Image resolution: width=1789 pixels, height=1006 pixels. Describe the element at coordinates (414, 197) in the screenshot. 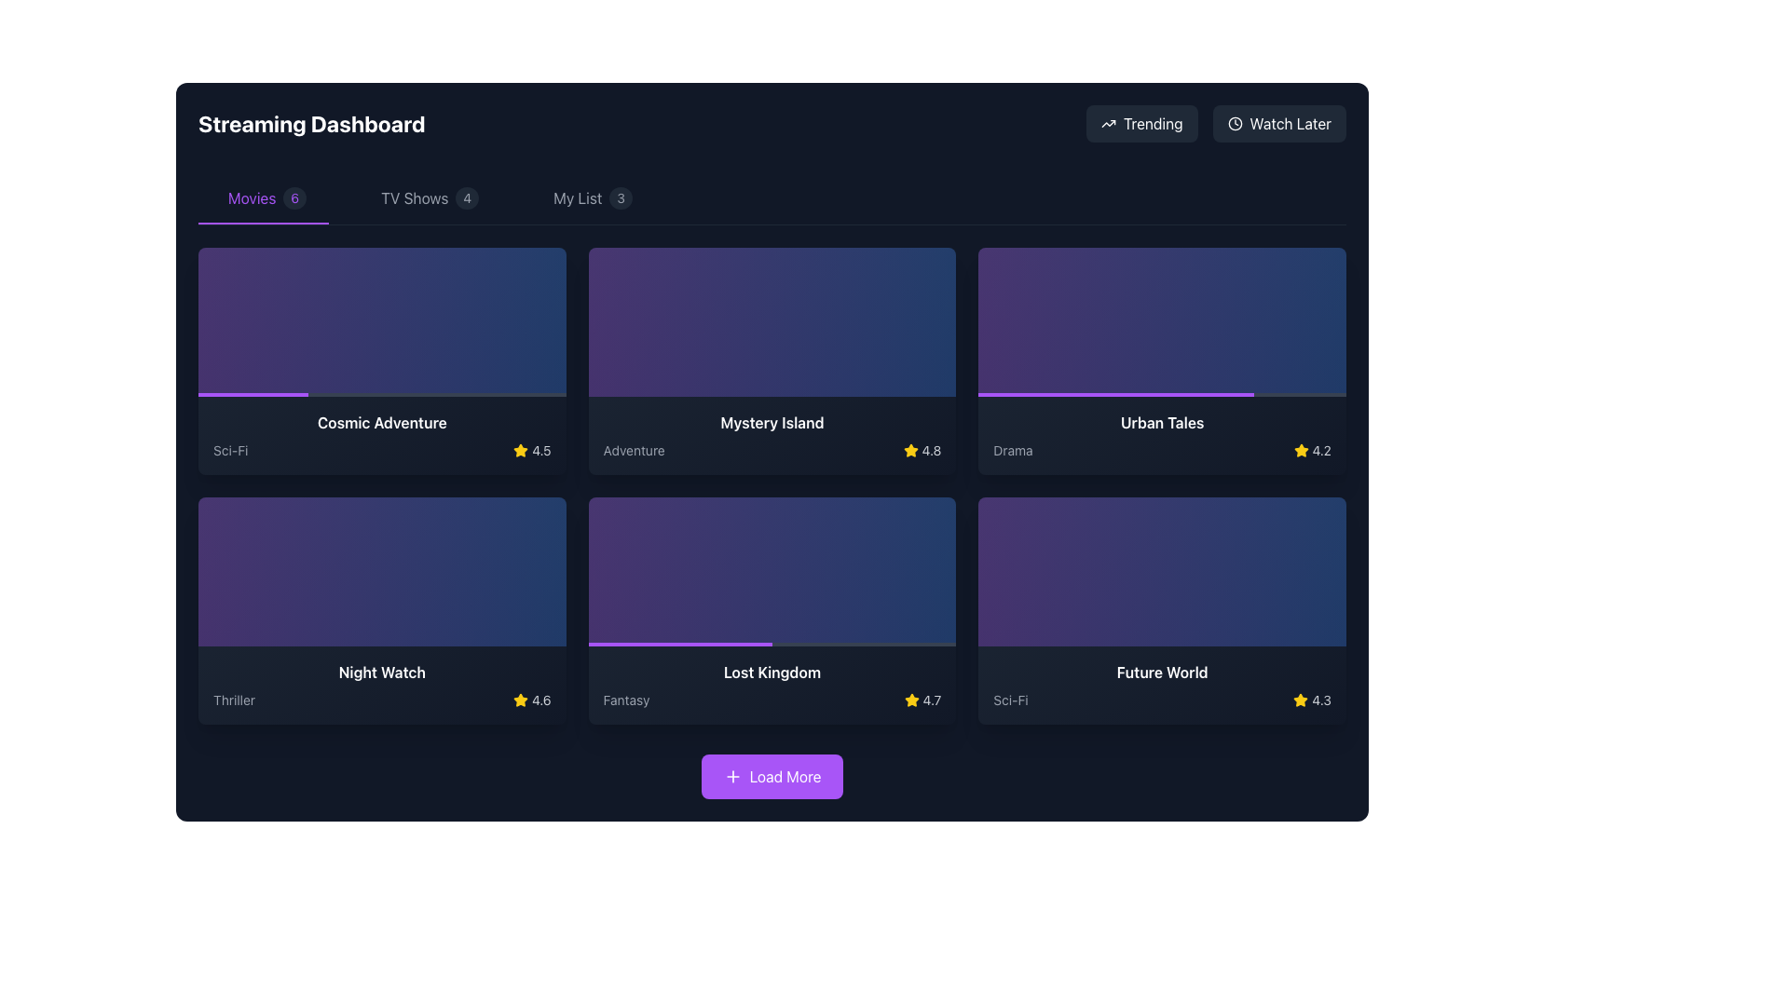

I see `the 'TV Shows' text label in the navigation menu` at that location.